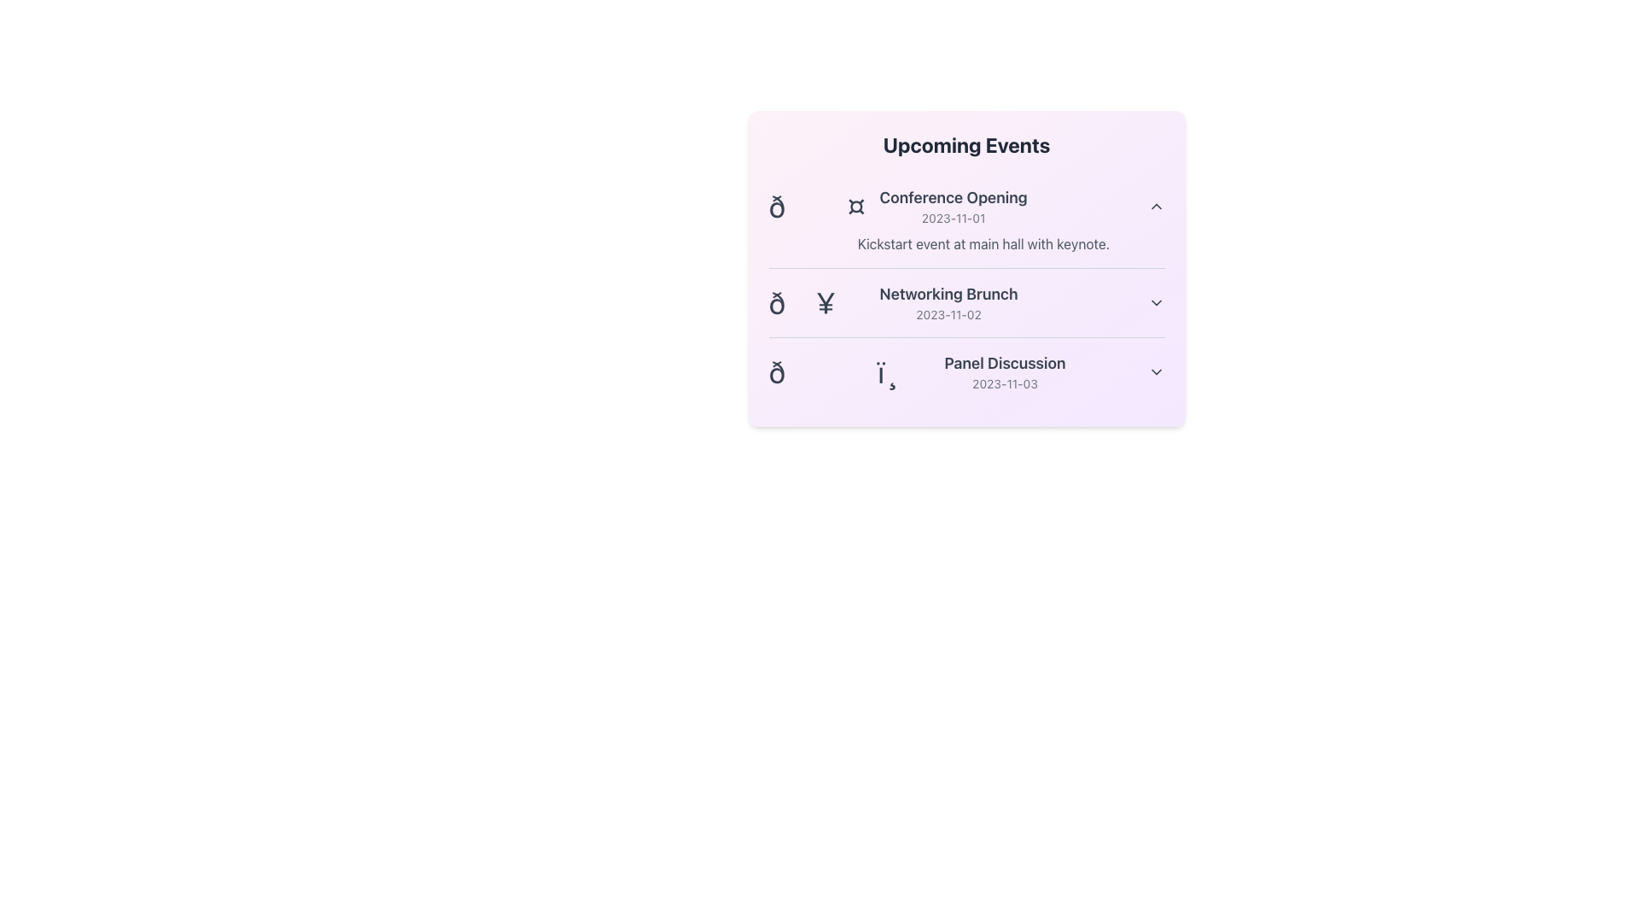 This screenshot has height=922, width=1639. Describe the element at coordinates (966, 301) in the screenshot. I see `the middle entry of the 'Upcoming Events' list, which is a clickable button styled component containing an icon, title, date, and dropdown arrow` at that location.